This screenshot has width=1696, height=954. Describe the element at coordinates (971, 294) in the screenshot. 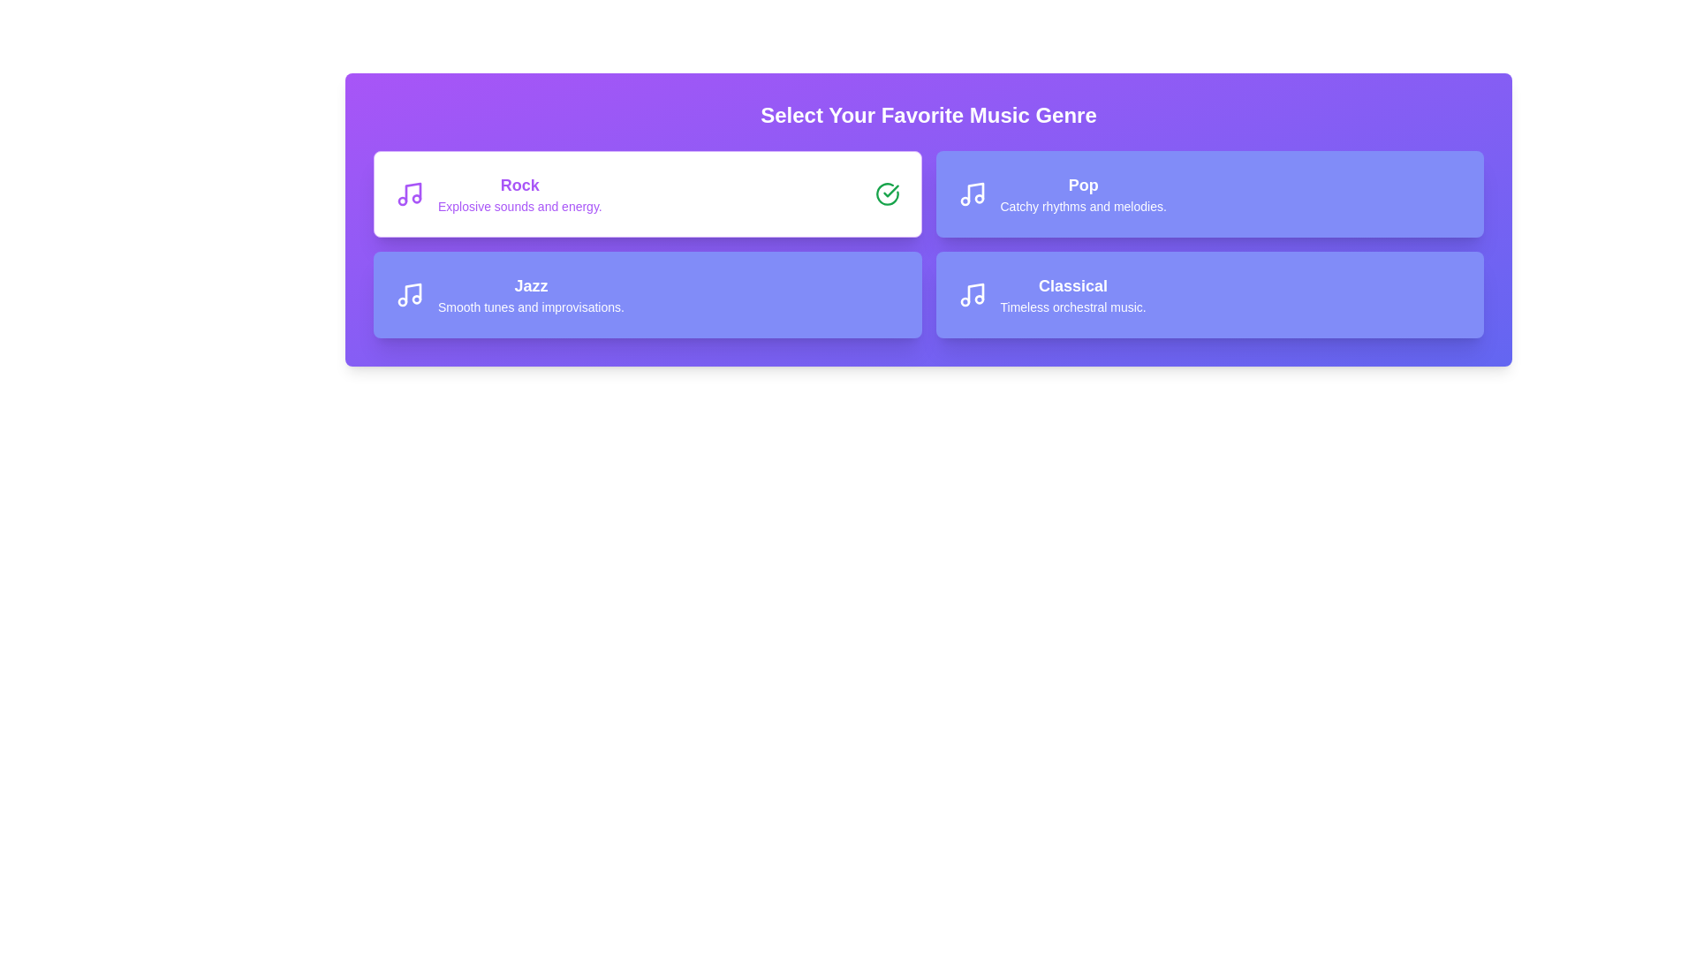

I see `the icon representing the 'Classical' category located in the top-left corner of the card labeled 'Classical', which is positioned on the bottom-right of the grid layout containing four cards` at that location.